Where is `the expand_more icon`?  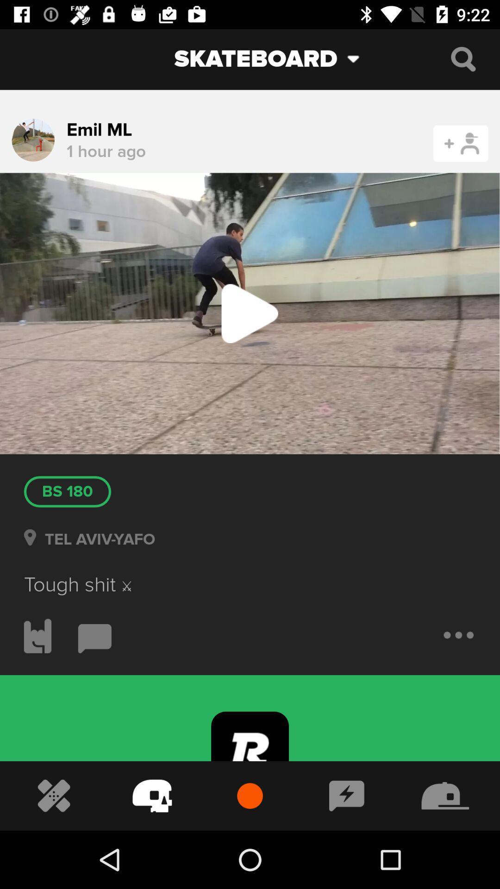
the expand_more icon is located at coordinates (360, 58).